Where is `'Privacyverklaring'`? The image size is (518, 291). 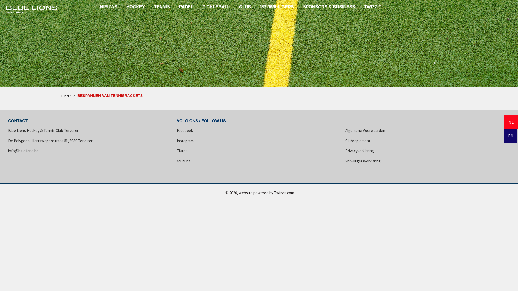 'Privacyverklaring' is located at coordinates (360, 151).